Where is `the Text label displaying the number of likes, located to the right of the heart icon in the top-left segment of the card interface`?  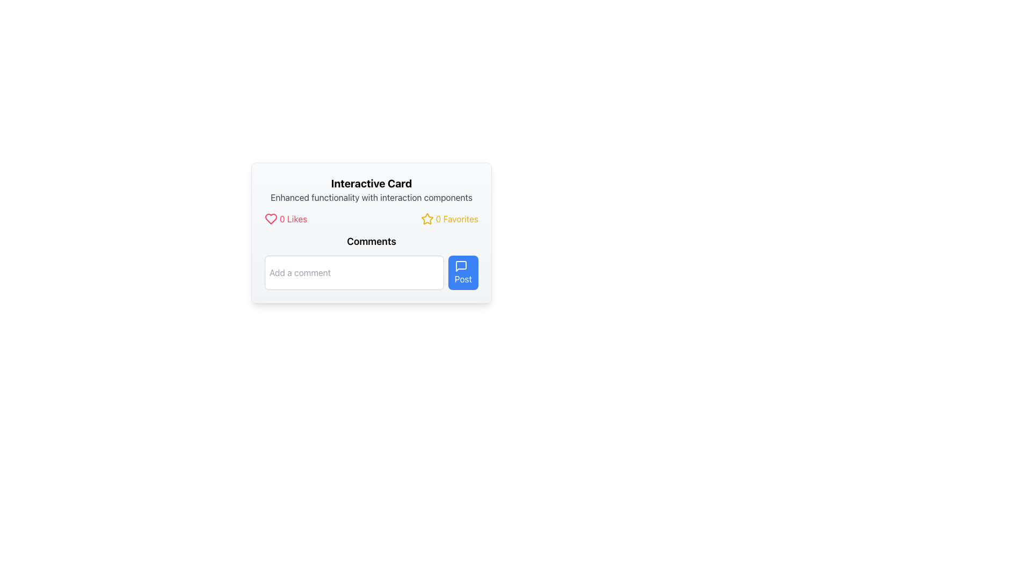
the Text label displaying the number of likes, located to the right of the heart icon in the top-left segment of the card interface is located at coordinates (293, 219).